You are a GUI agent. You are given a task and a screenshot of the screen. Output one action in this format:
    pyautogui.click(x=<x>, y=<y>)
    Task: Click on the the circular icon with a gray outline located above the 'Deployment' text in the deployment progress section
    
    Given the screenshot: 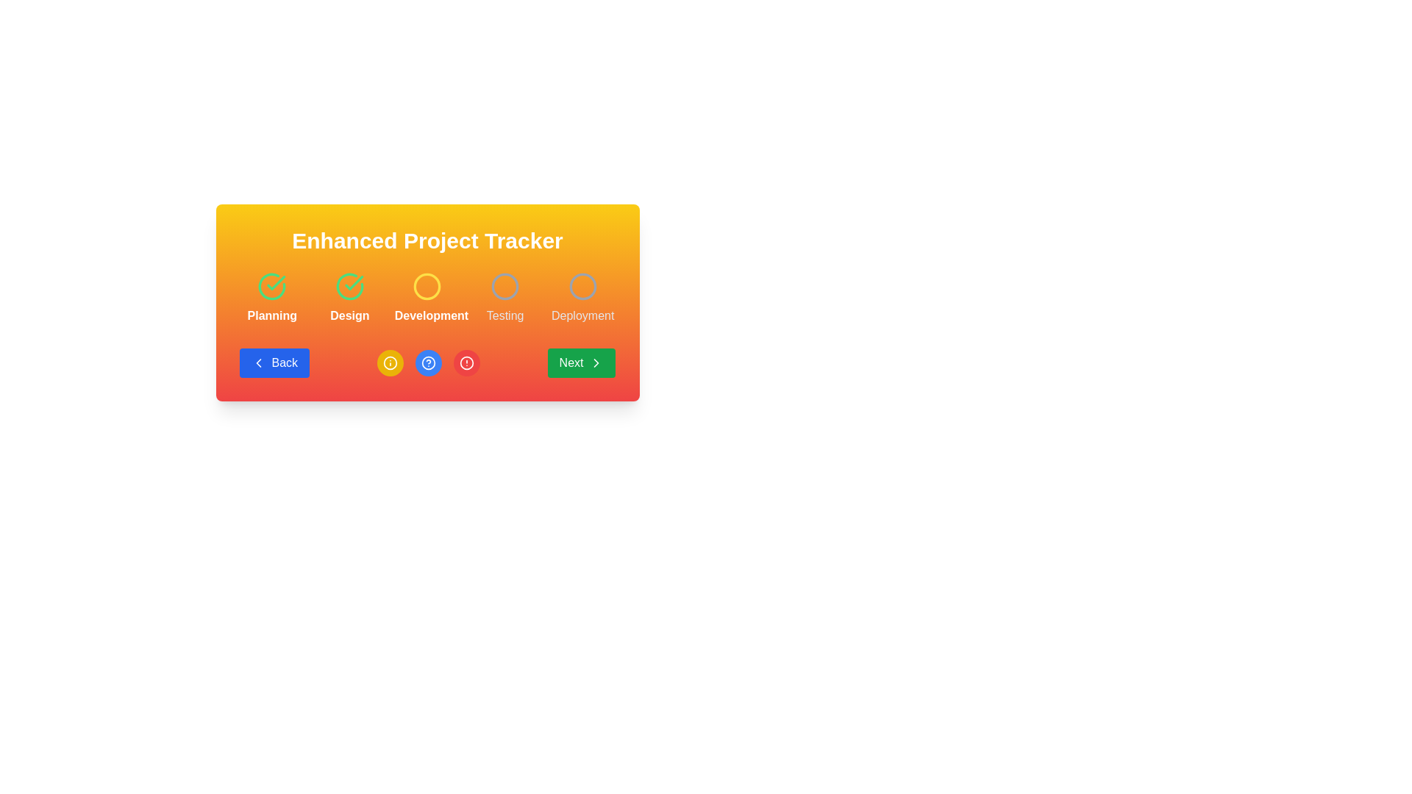 What is the action you would take?
    pyautogui.click(x=582, y=286)
    